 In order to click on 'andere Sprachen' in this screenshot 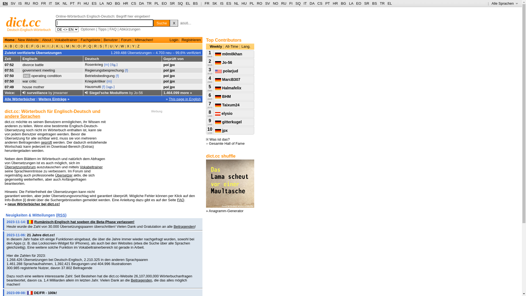, I will do `click(5, 116)`.